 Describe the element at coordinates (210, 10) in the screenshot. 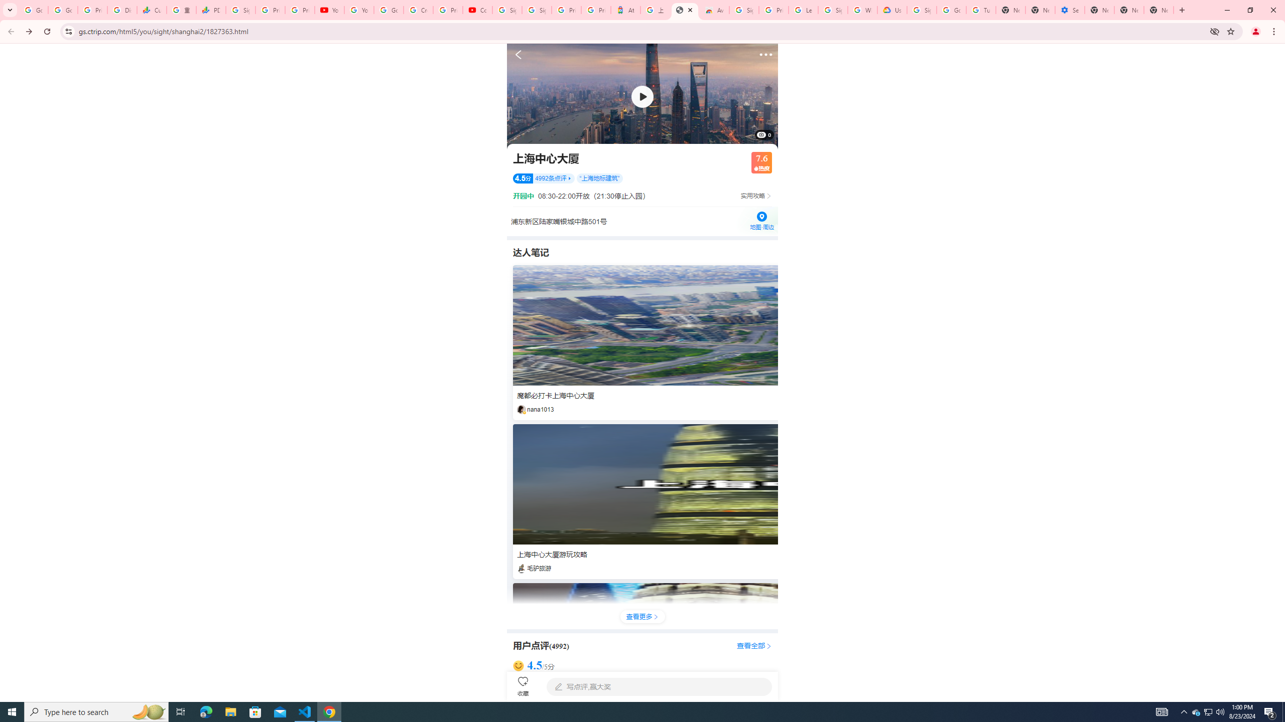

I see `'PDD Holdings Inc - ADR (PDD) Price & News - Google Finance'` at that location.